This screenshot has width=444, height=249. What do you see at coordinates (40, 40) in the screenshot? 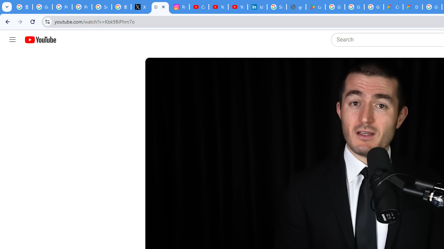
I see `'YouTube Home'` at bounding box center [40, 40].